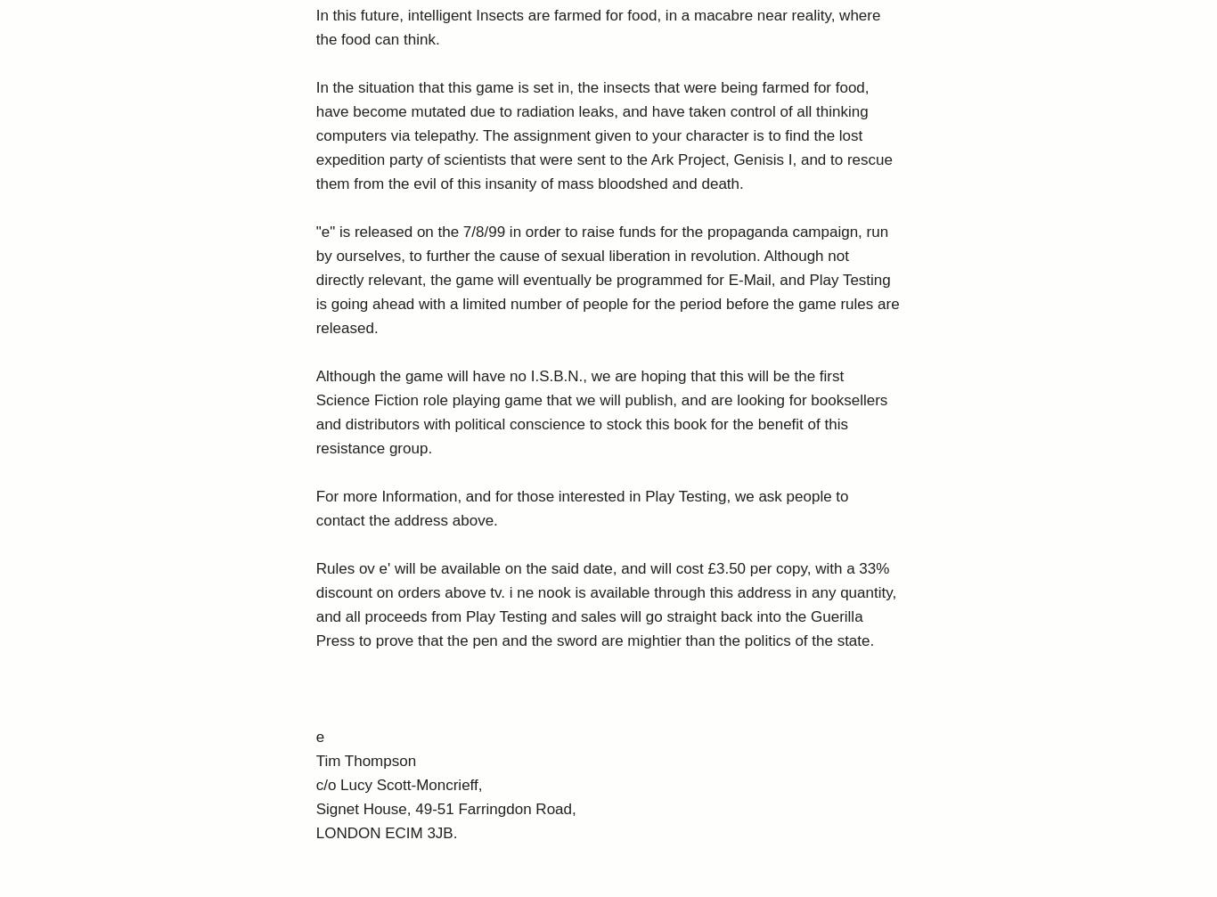 The image size is (1217, 897). I want to click on 'Although the game will have no I.S.B.N., we are hoping that this will be the first Science Fiction role playing game that we will publish, and are looking for booksellers and distributors with political conscience to stock this book for the benefit of this resistance group.', so click(314, 412).